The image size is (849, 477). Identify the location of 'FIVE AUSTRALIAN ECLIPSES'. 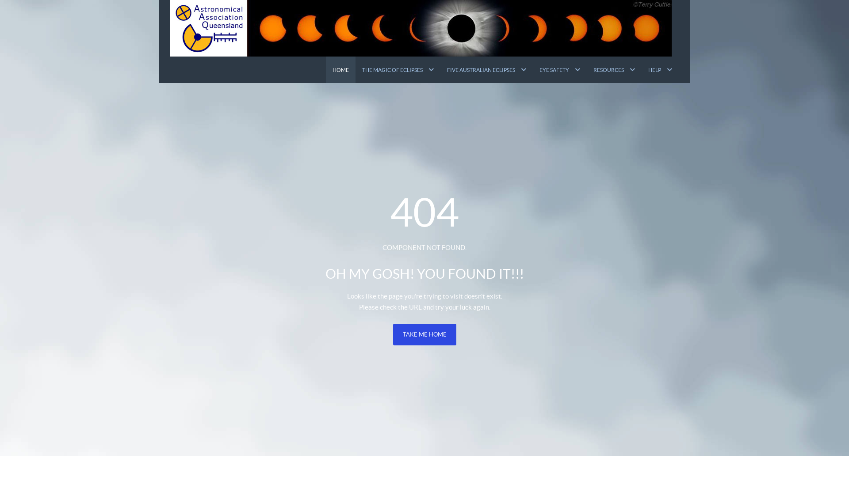
(486, 69).